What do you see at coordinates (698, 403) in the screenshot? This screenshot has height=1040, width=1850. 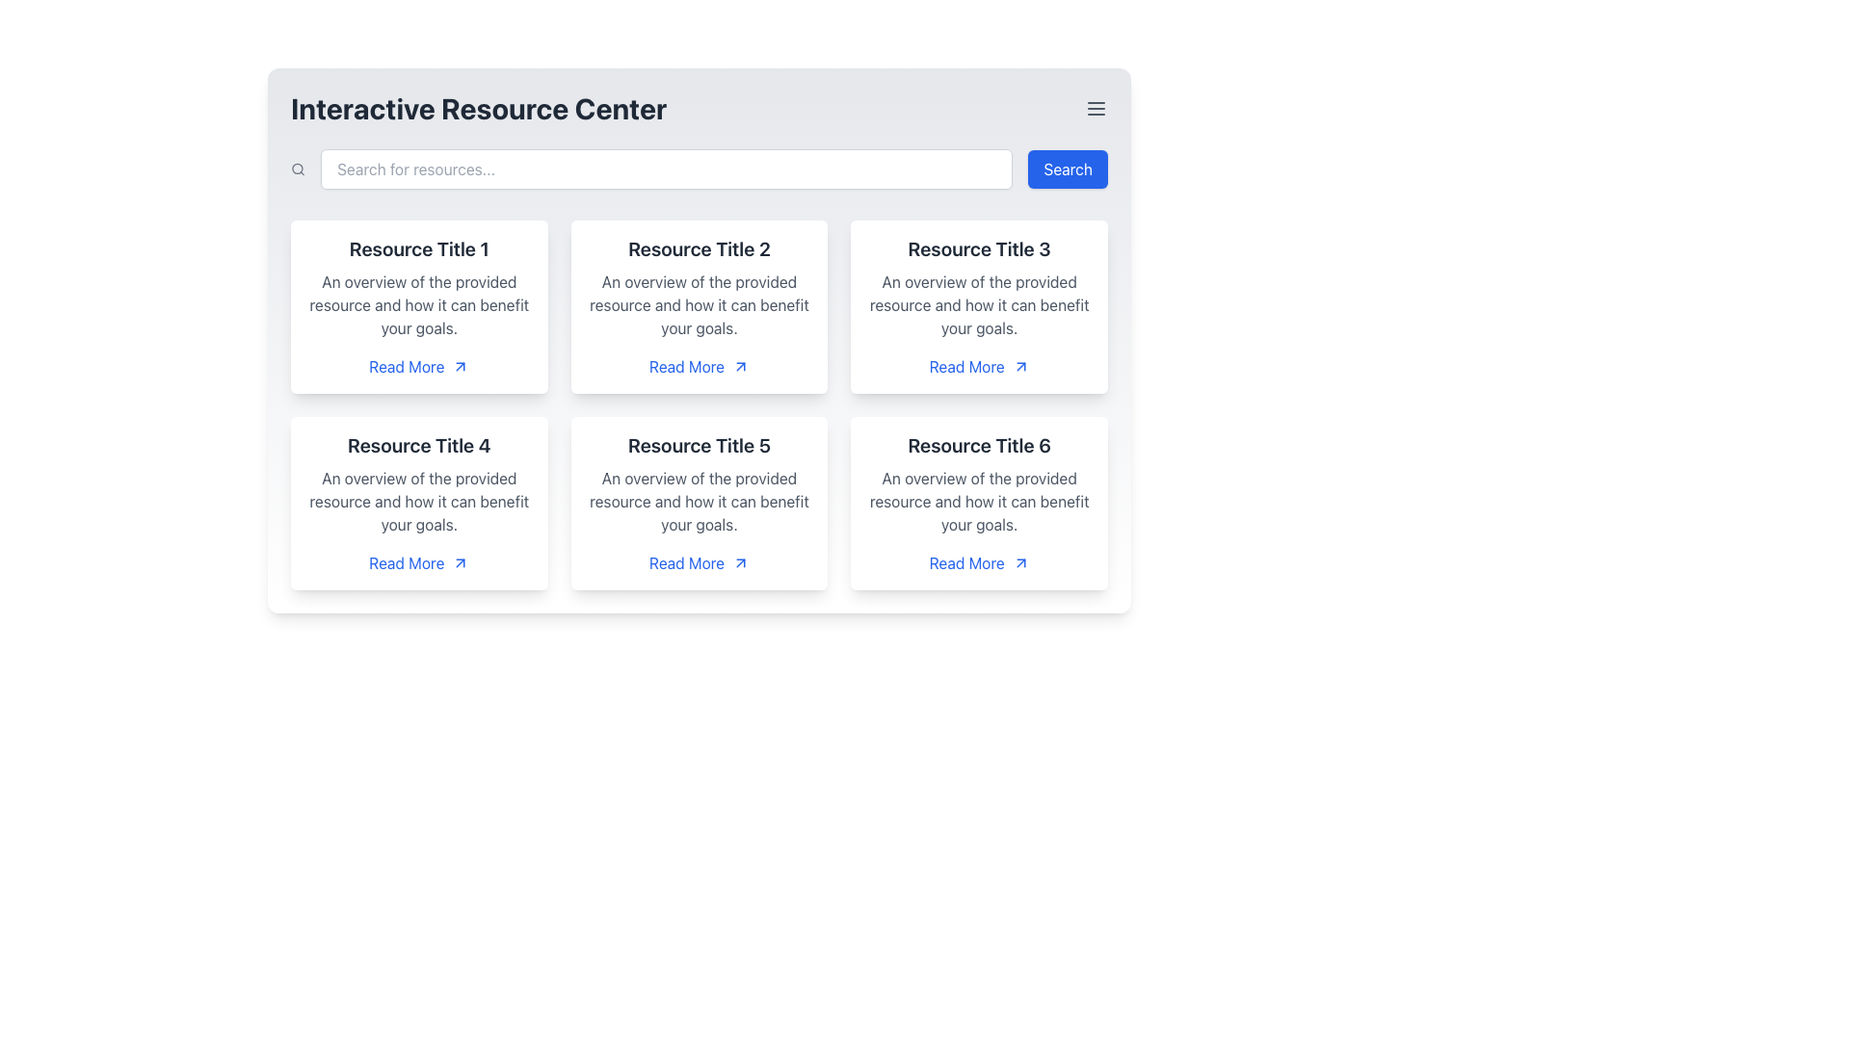 I see `the card in the center of the 3x2 grid within the 'Interactive Resource Center'` at bounding box center [698, 403].